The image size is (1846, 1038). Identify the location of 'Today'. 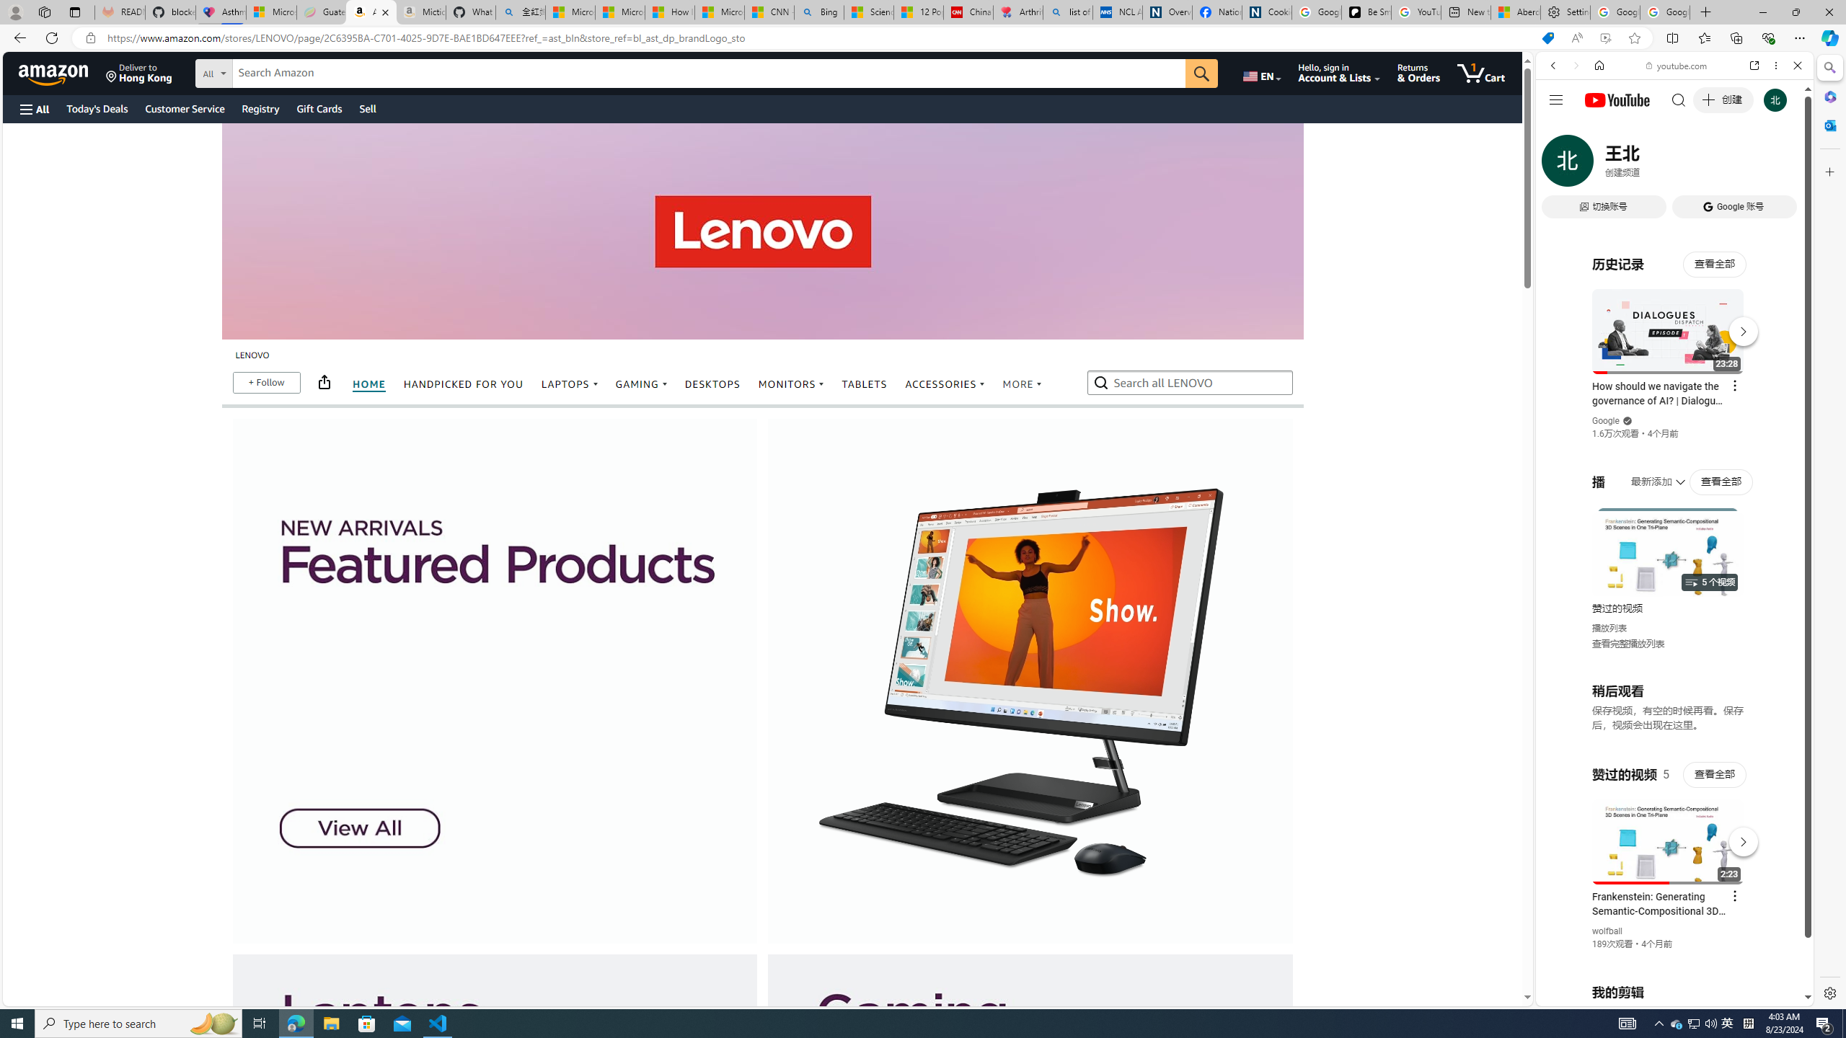
(97, 108).